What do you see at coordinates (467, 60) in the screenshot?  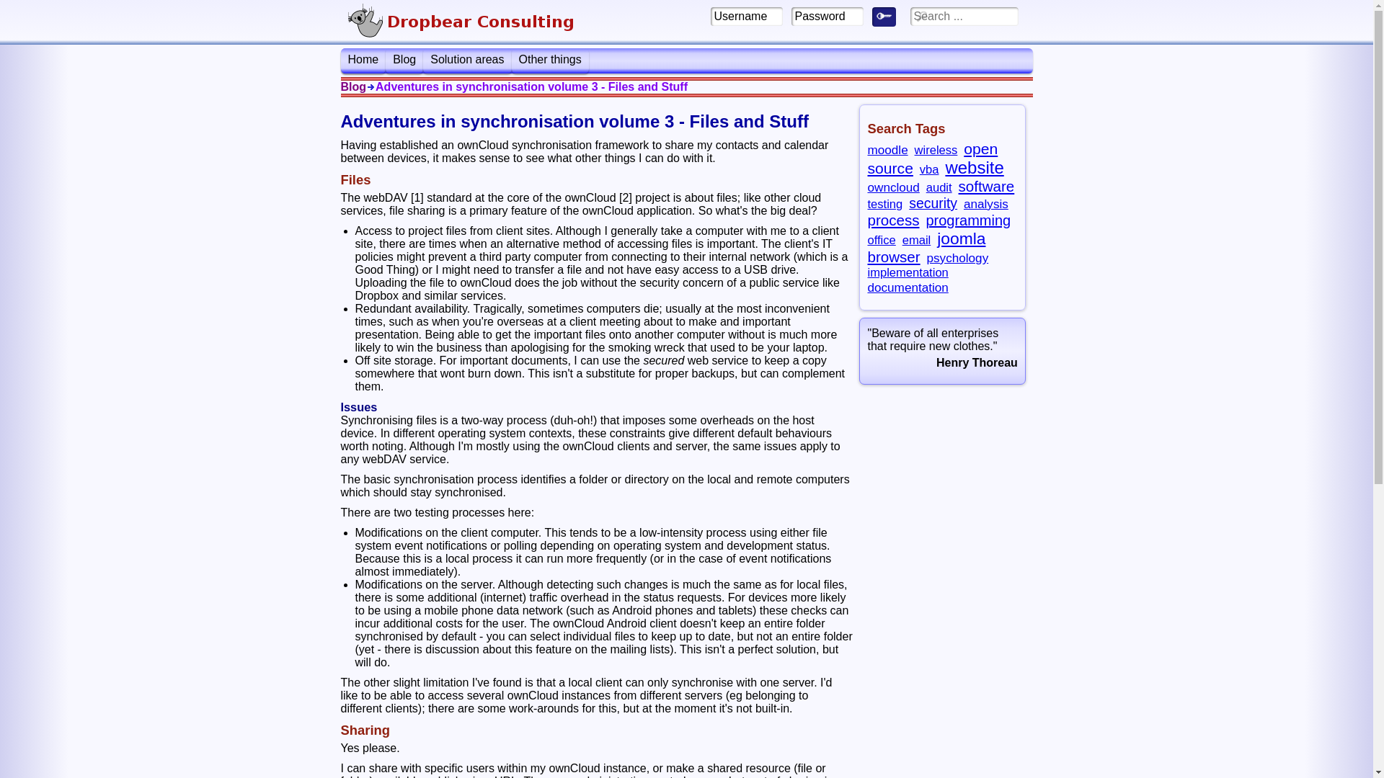 I see `'Solution areas'` at bounding box center [467, 60].